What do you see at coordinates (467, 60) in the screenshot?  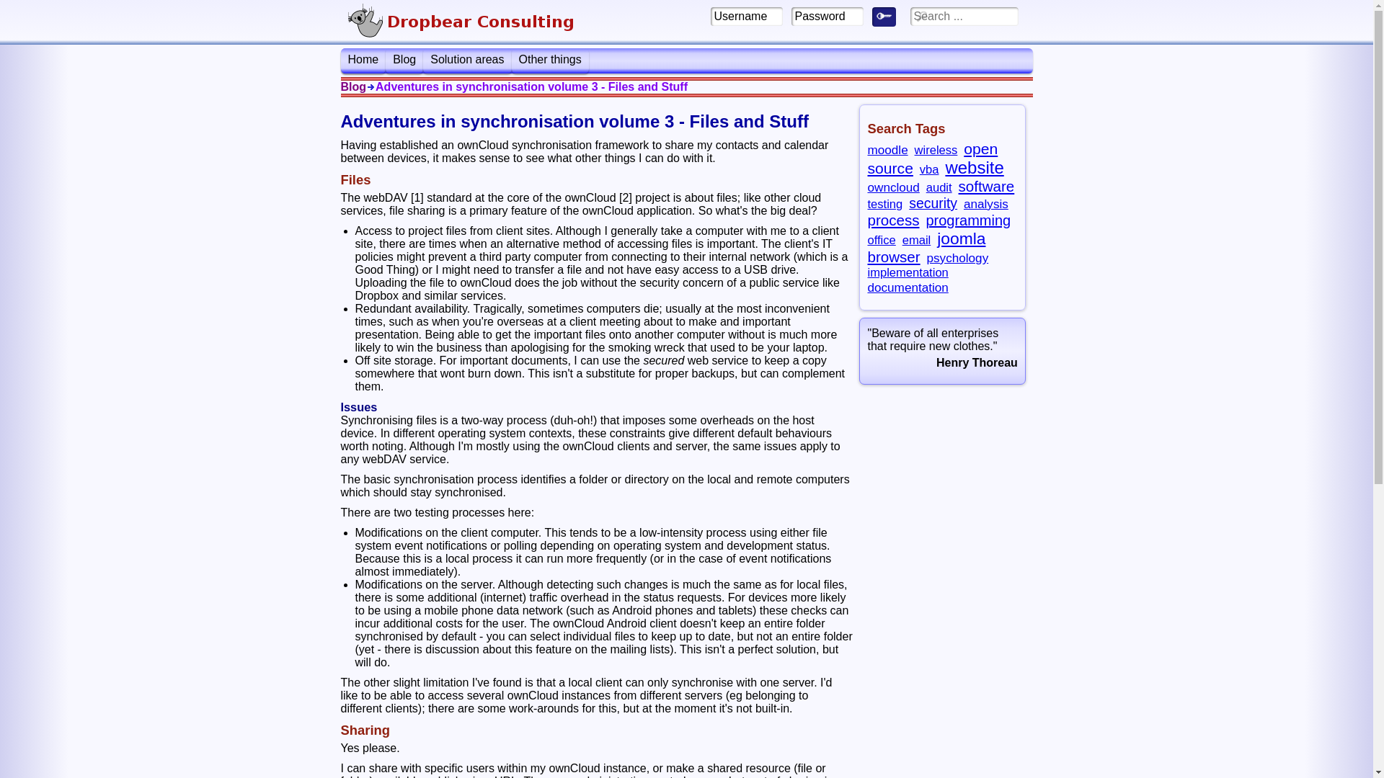 I see `'Solution areas'` at bounding box center [467, 60].